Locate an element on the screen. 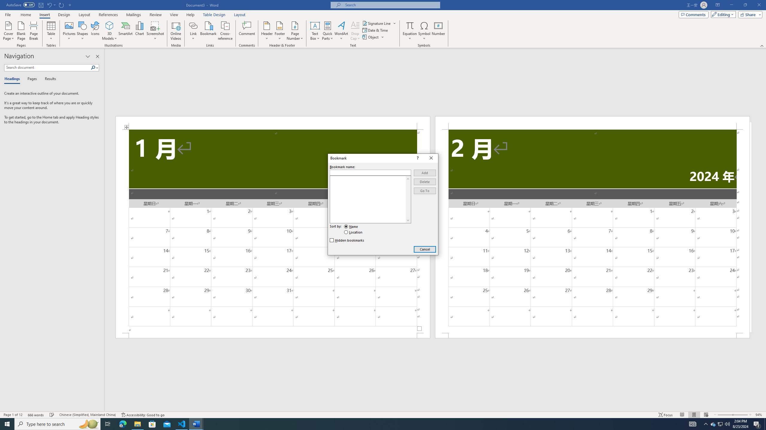 Image resolution: width=766 pixels, height=430 pixels. 'Class: MsoCommandBar' is located at coordinates (383, 414).